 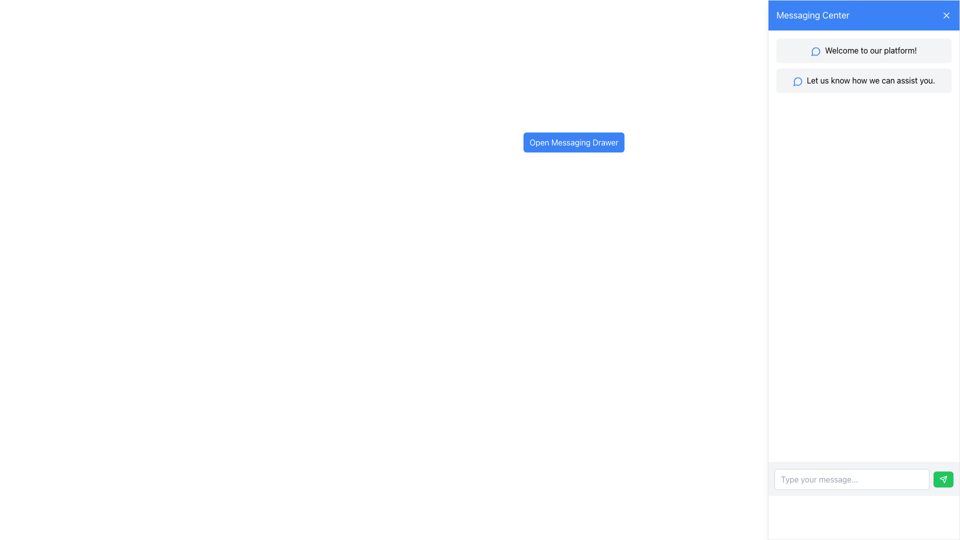 What do you see at coordinates (816, 51) in the screenshot?
I see `the messaging icon located within the 'Messaging Center' panel, positioned to the left of the text 'Welcome to our platform!'` at bounding box center [816, 51].